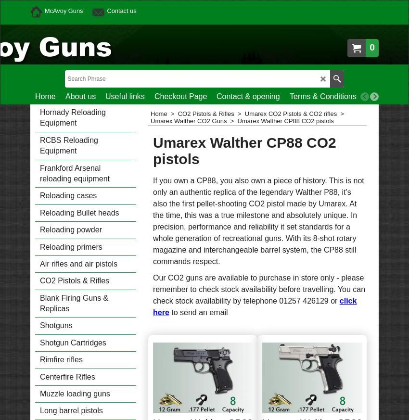 This screenshot has height=420, width=409. Describe the element at coordinates (68, 195) in the screenshot. I see `'Reloading cases'` at that location.